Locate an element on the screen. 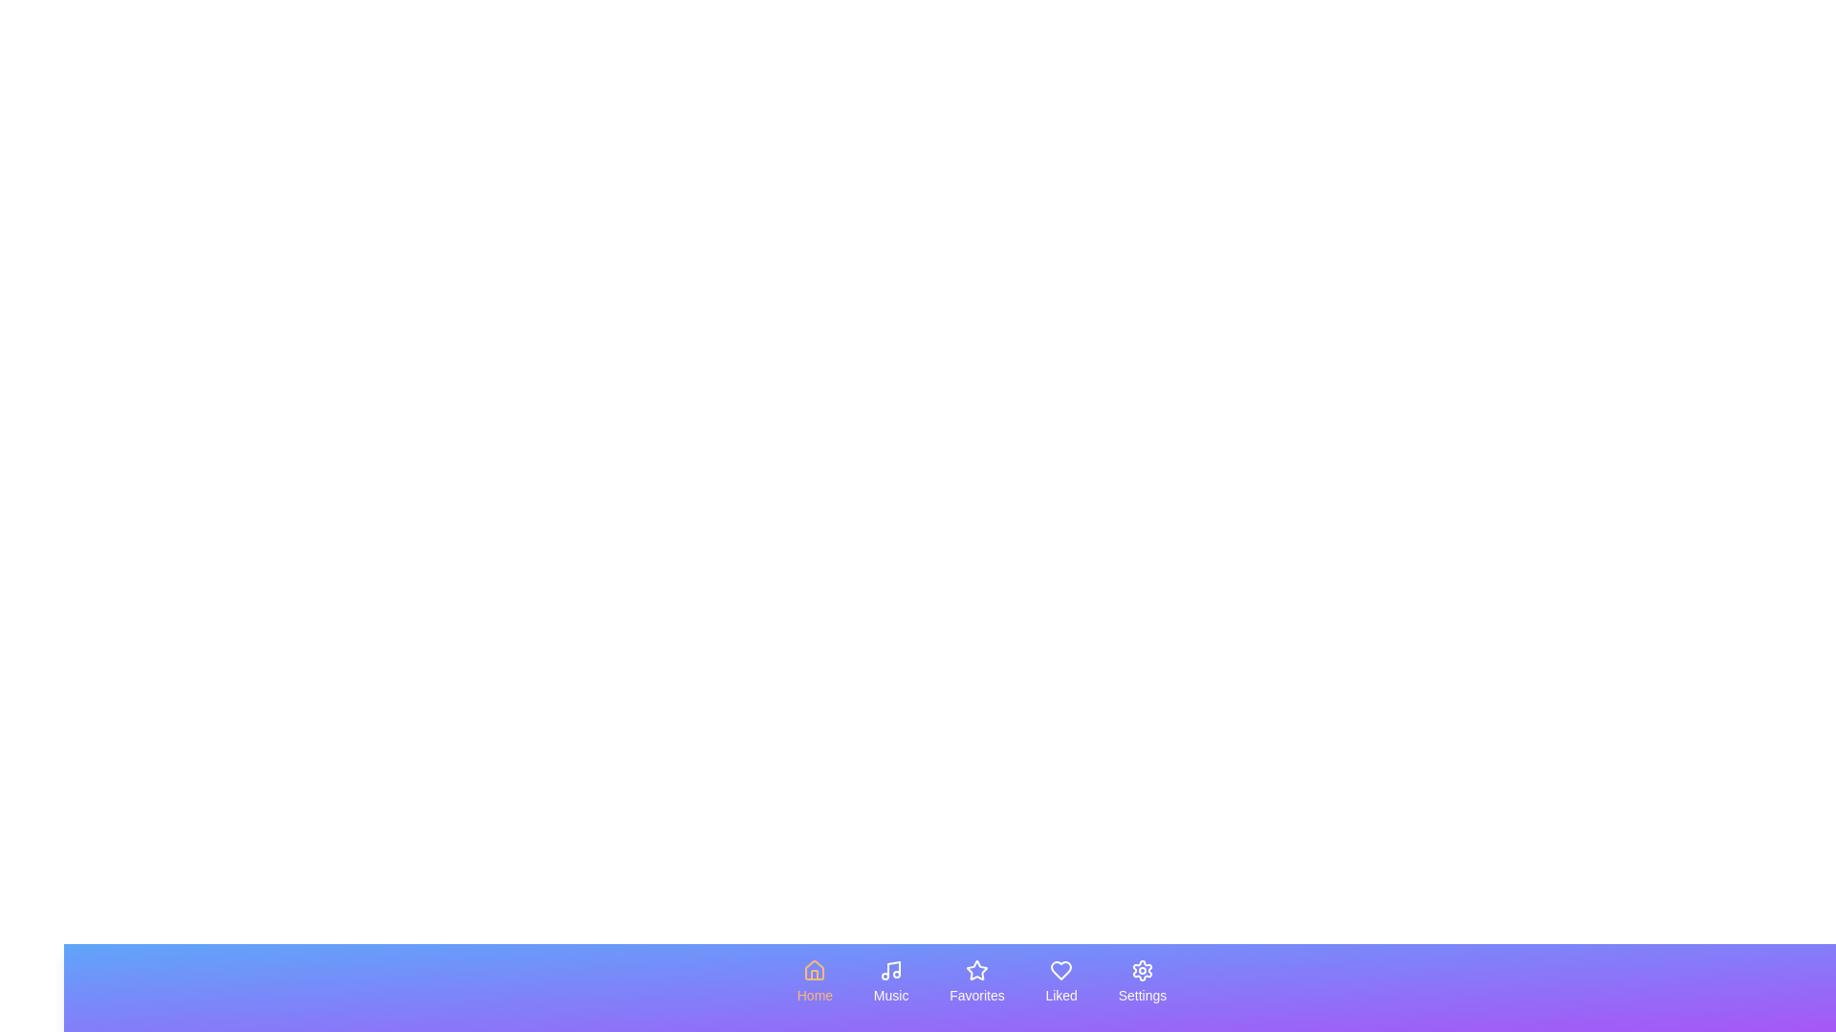 Image resolution: width=1836 pixels, height=1032 pixels. the tab labeled Settings by clicking on its icon or label is located at coordinates (1143, 982).